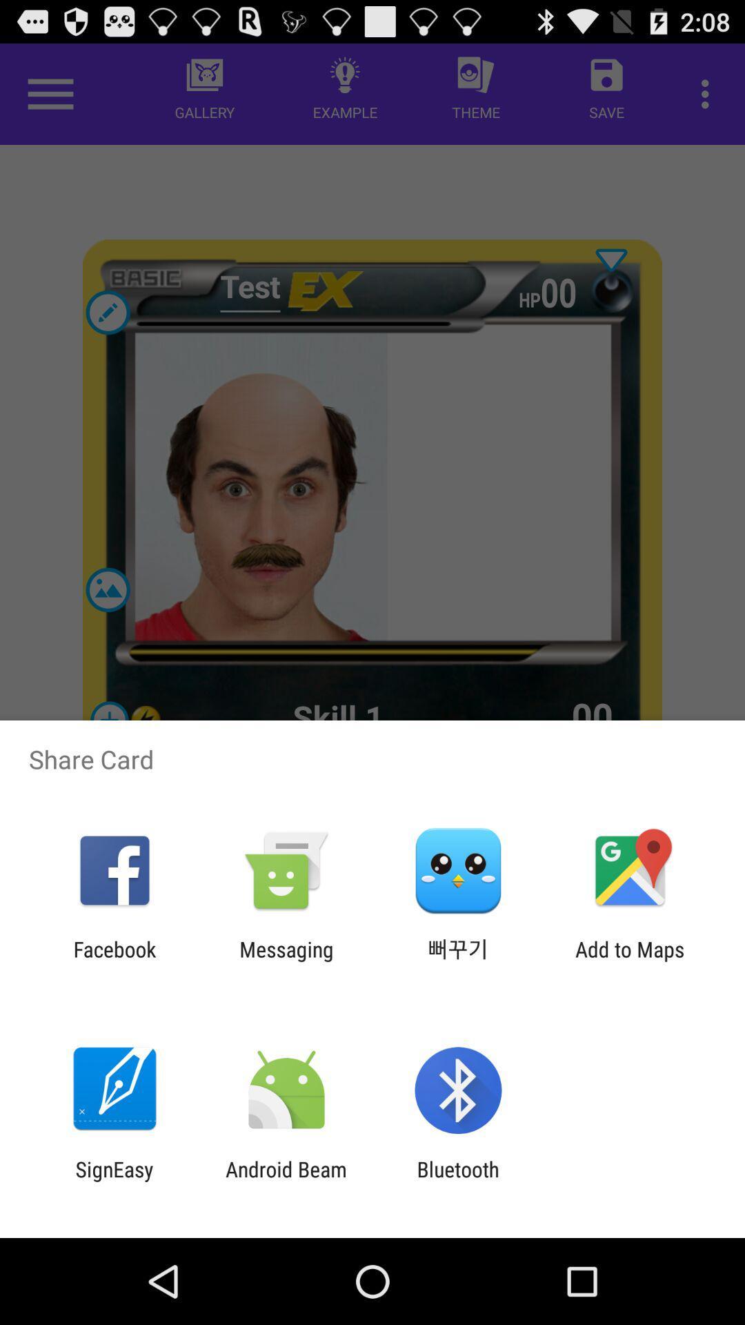 This screenshot has height=1325, width=745. I want to click on the item next to the bluetooth, so click(286, 1181).